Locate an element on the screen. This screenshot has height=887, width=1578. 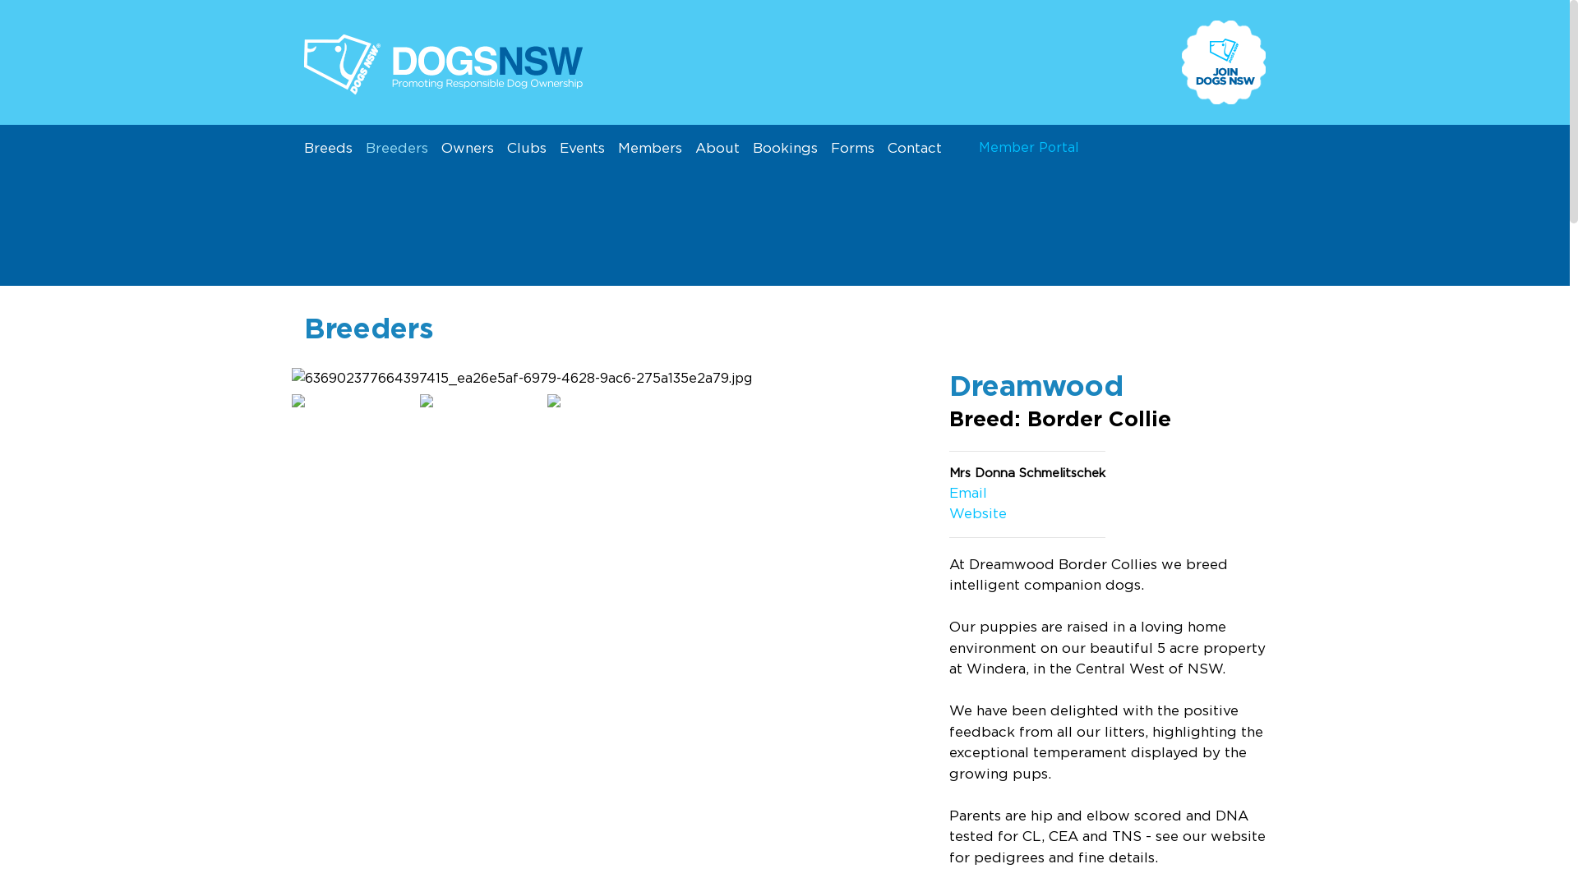
'Bookings' is located at coordinates (752, 149).